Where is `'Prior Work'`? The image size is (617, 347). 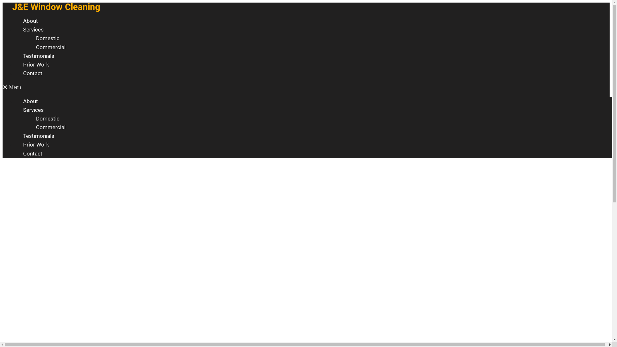
'Prior Work' is located at coordinates (36, 64).